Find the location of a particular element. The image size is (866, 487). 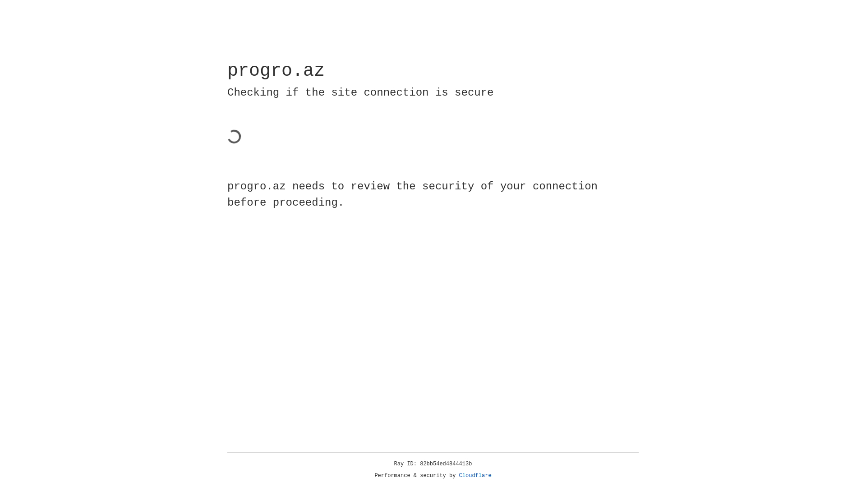

'Cloudflare' is located at coordinates (475, 475).